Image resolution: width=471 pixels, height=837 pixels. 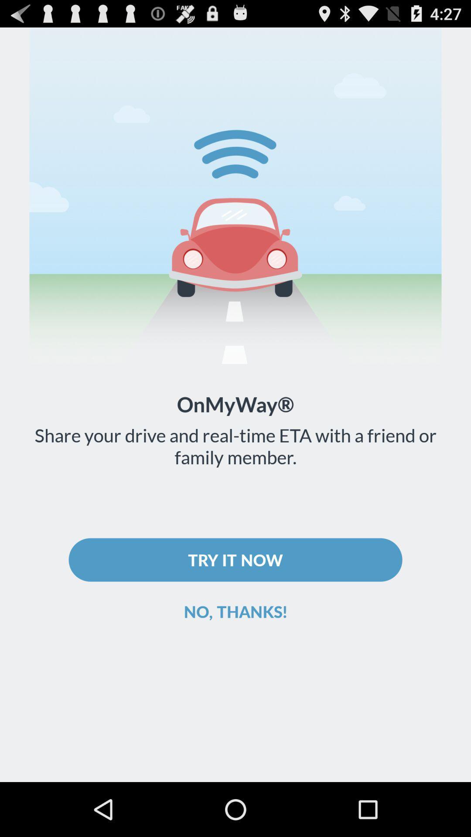 What do you see at coordinates (235, 560) in the screenshot?
I see `the try it now` at bounding box center [235, 560].